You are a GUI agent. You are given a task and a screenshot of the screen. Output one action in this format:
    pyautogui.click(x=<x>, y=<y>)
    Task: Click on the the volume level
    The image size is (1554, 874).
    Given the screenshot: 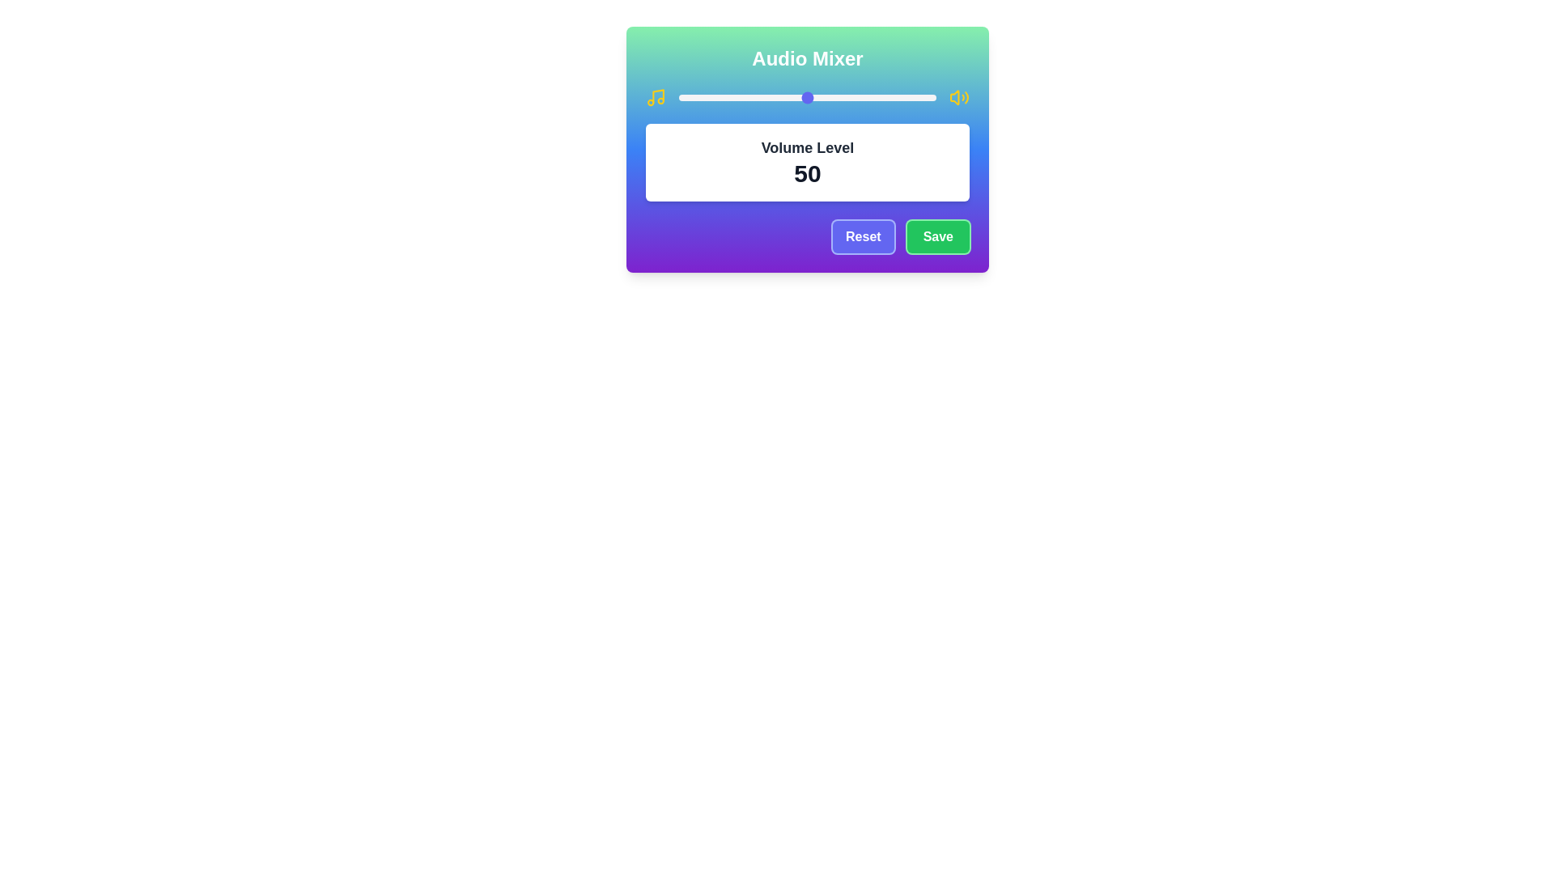 What is the action you would take?
    pyautogui.click(x=933, y=97)
    